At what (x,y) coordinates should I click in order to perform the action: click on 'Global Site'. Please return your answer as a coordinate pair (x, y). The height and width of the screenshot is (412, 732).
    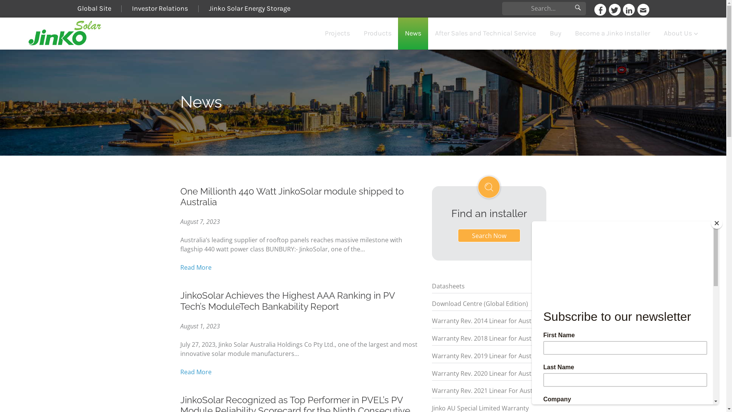
    Looking at the image, I should click on (98, 9).